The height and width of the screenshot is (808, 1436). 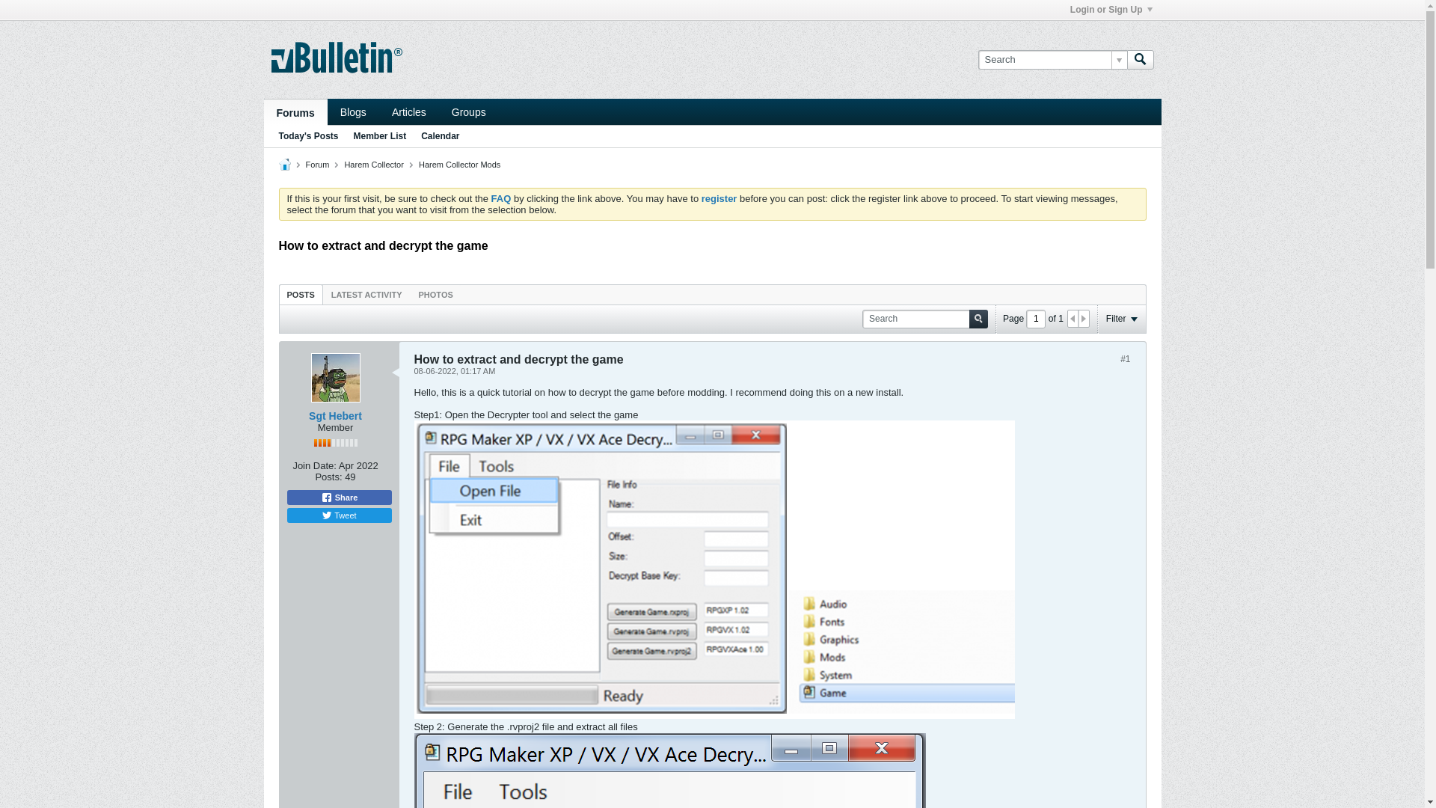 What do you see at coordinates (295, 111) in the screenshot?
I see `'Forums'` at bounding box center [295, 111].